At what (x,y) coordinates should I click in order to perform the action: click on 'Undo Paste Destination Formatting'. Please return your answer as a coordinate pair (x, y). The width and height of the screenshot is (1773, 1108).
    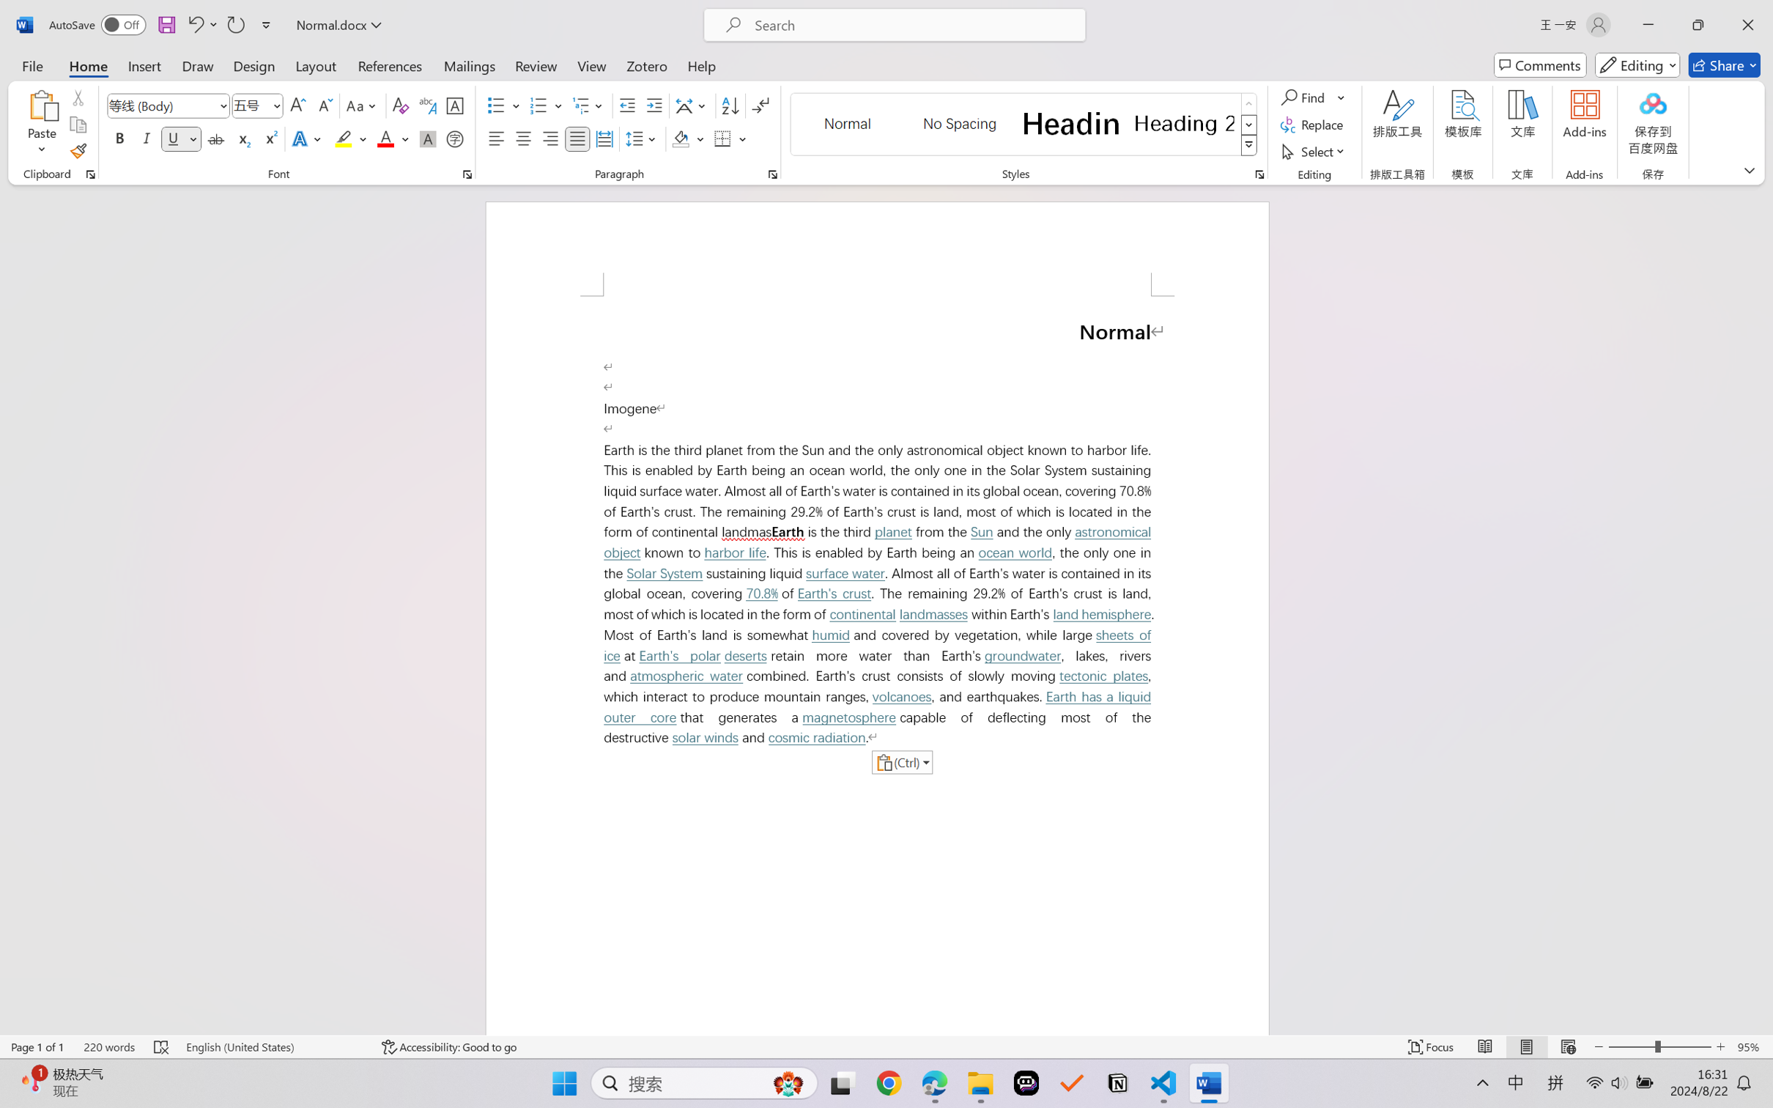
    Looking at the image, I should click on (194, 24).